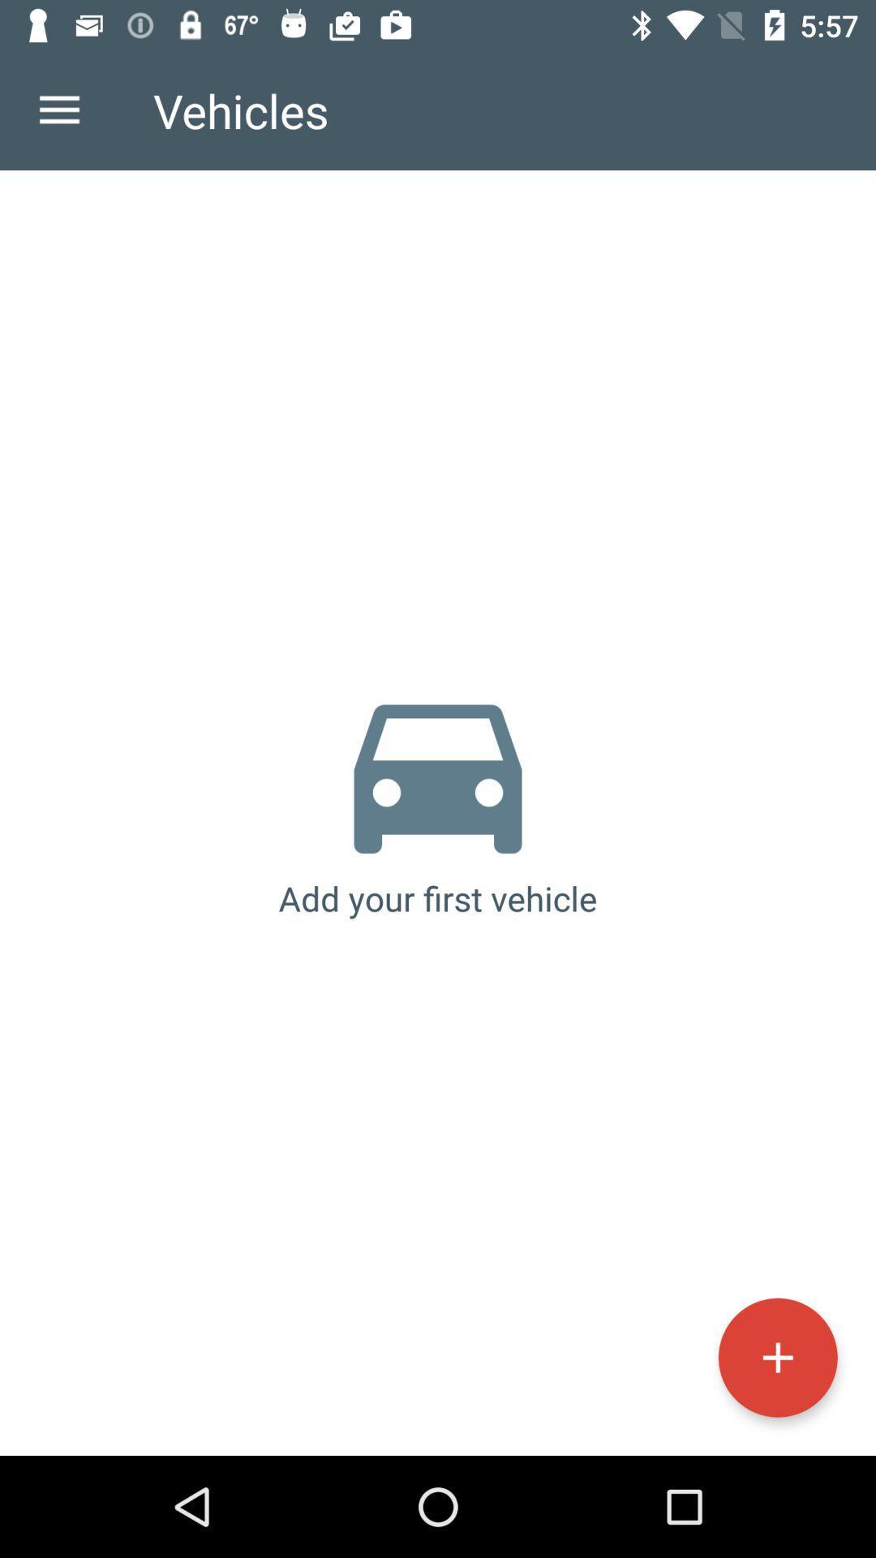 The image size is (876, 1558). I want to click on the item below add your first, so click(777, 1358).